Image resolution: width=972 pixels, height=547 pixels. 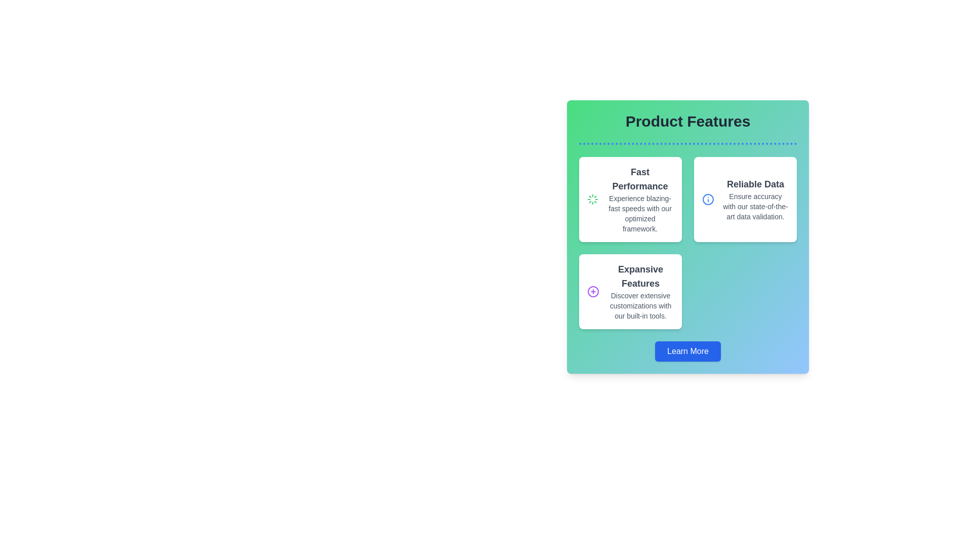 I want to click on descriptive content of the text block located below the 'Expansive Features' text in the second card of the bottom row of the 'Product Features' section, so click(x=640, y=305).